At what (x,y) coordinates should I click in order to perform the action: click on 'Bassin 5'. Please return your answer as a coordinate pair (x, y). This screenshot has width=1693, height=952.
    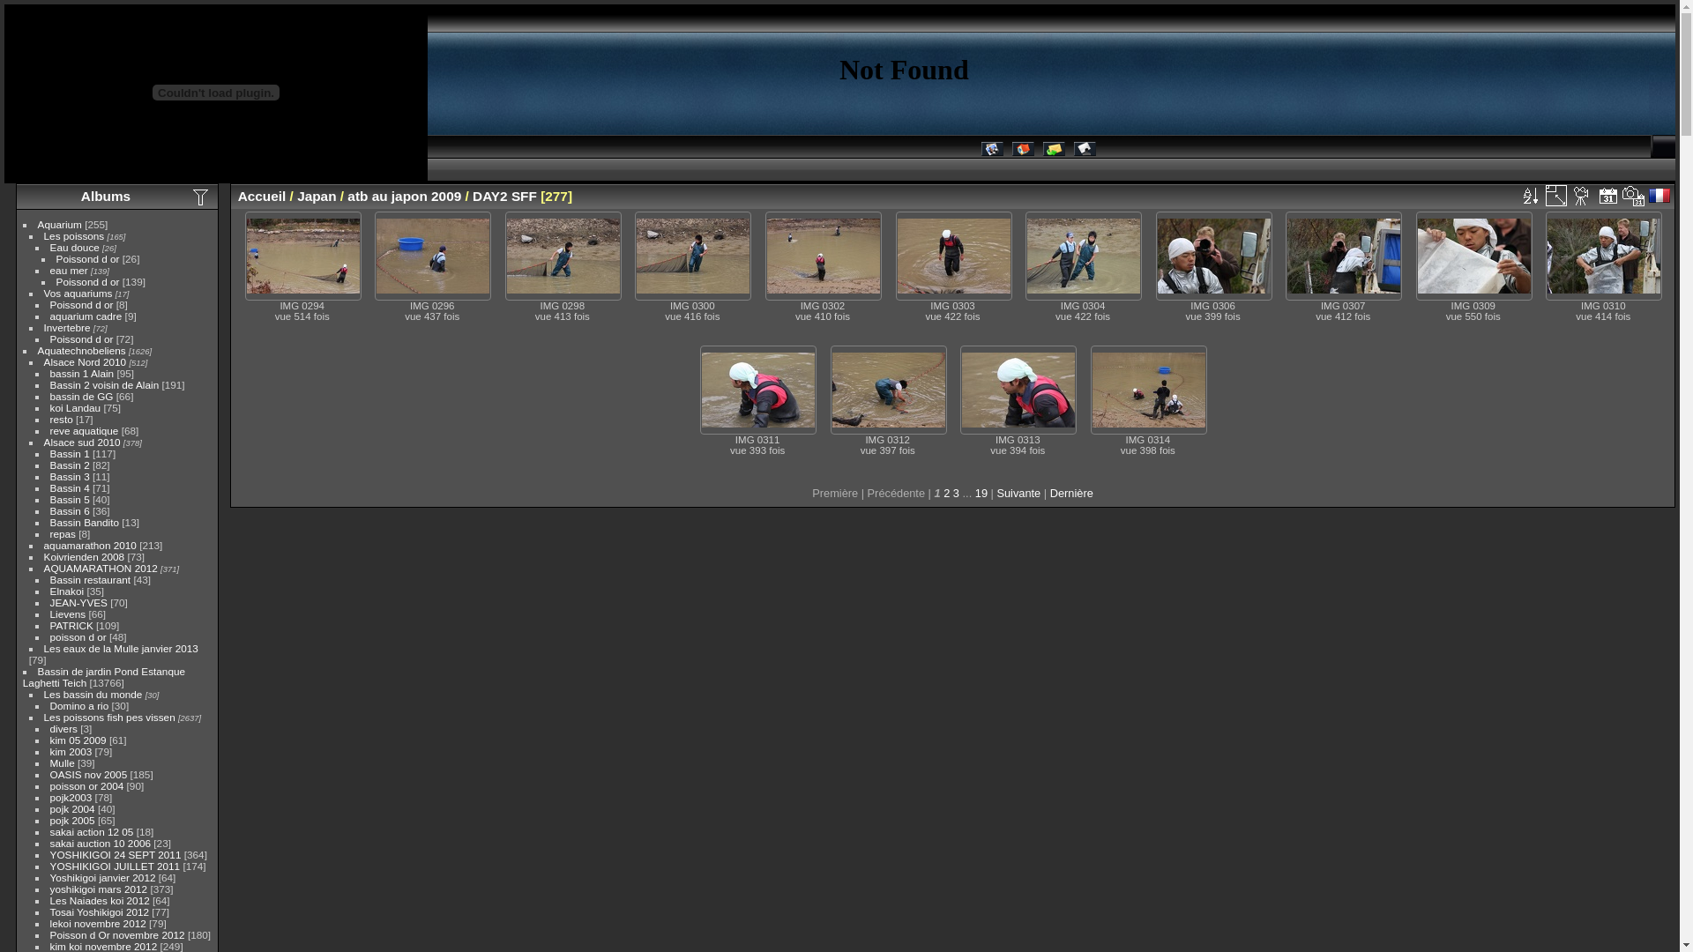
    Looking at the image, I should click on (50, 499).